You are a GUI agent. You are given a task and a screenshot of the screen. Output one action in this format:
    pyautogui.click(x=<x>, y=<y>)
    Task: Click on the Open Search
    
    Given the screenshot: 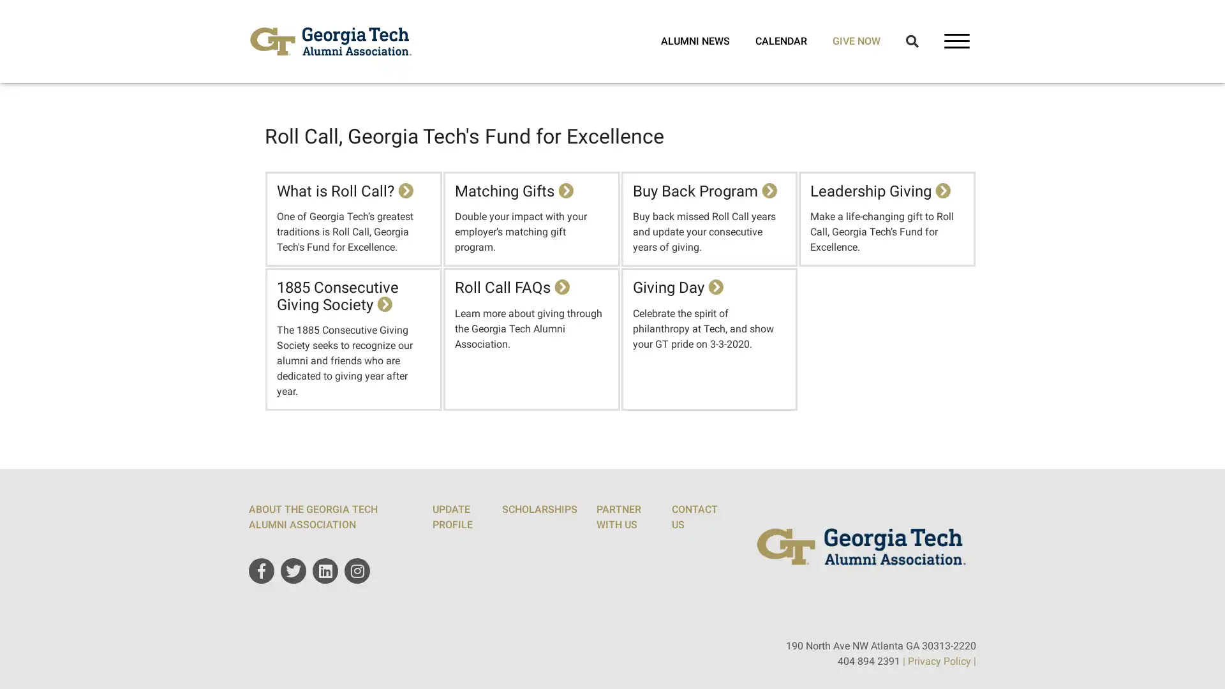 What is the action you would take?
    pyautogui.click(x=912, y=40)
    